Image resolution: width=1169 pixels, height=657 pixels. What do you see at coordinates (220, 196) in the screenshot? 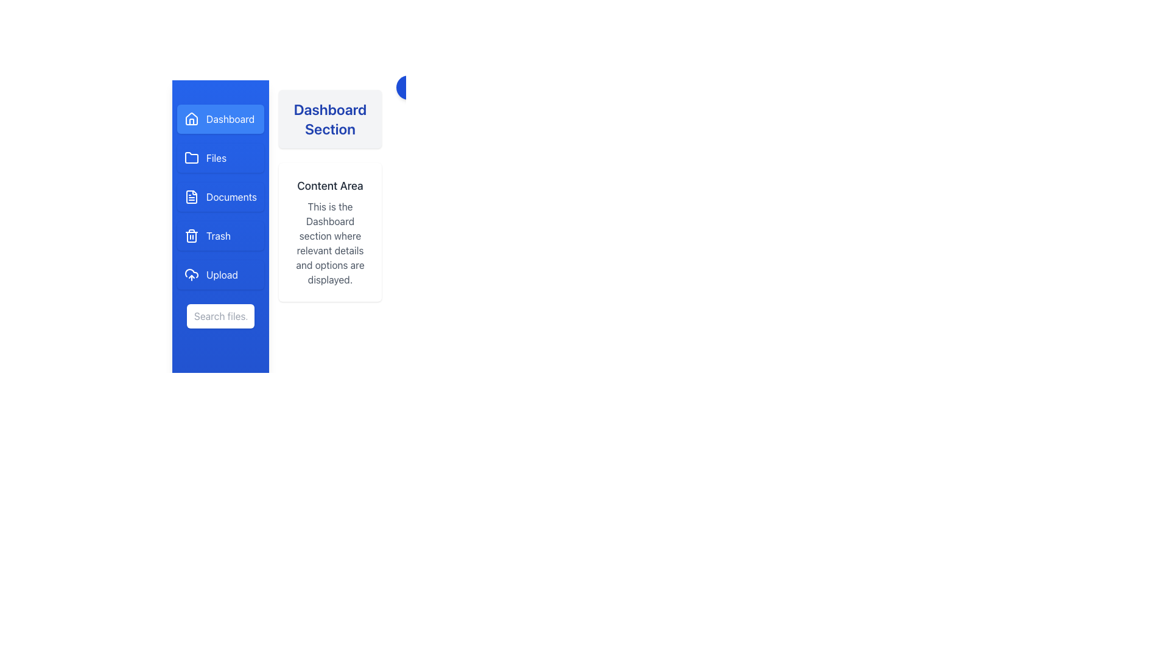
I see `the 'Documents' navigation button located in the left sidebar, which is the third button in the vertical list between 'Files' and 'Trash'` at bounding box center [220, 196].